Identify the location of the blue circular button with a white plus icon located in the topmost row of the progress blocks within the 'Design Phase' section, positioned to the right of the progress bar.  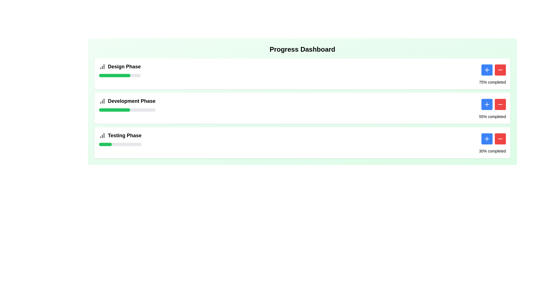
(487, 69).